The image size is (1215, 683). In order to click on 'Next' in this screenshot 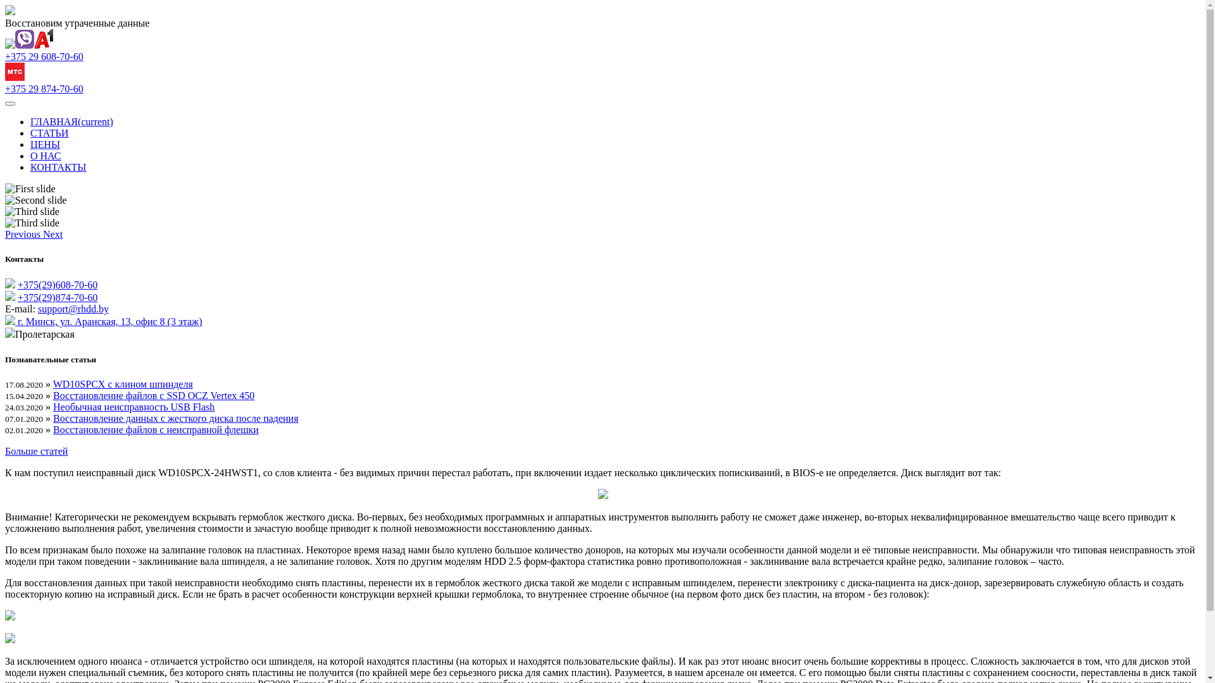, I will do `click(52, 234)`.